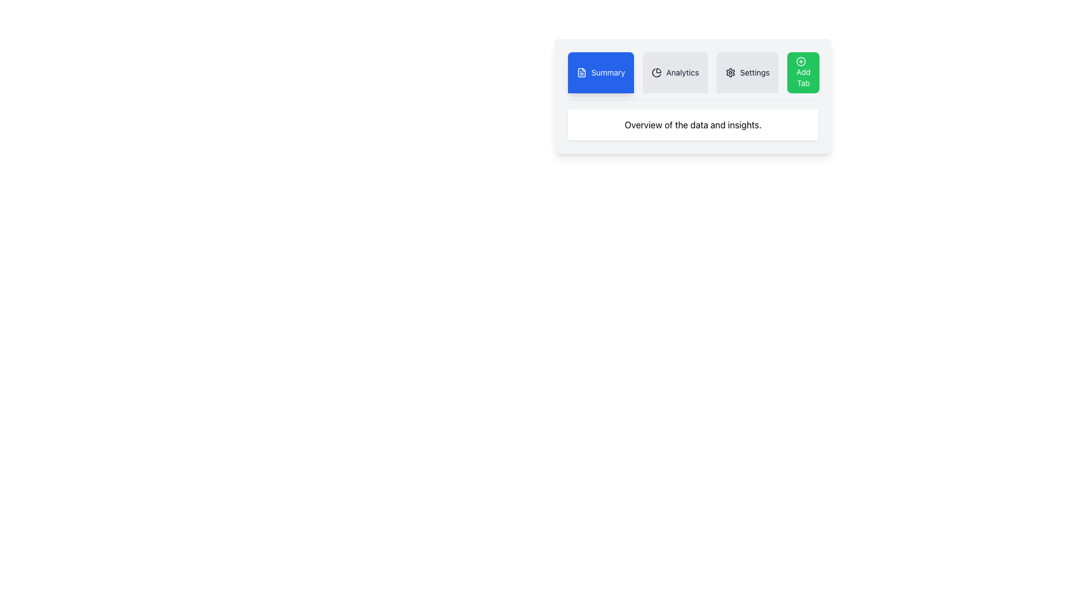  What do you see at coordinates (730, 73) in the screenshot?
I see `the 'Settings' icon located in the top-right corner of the button row` at bounding box center [730, 73].